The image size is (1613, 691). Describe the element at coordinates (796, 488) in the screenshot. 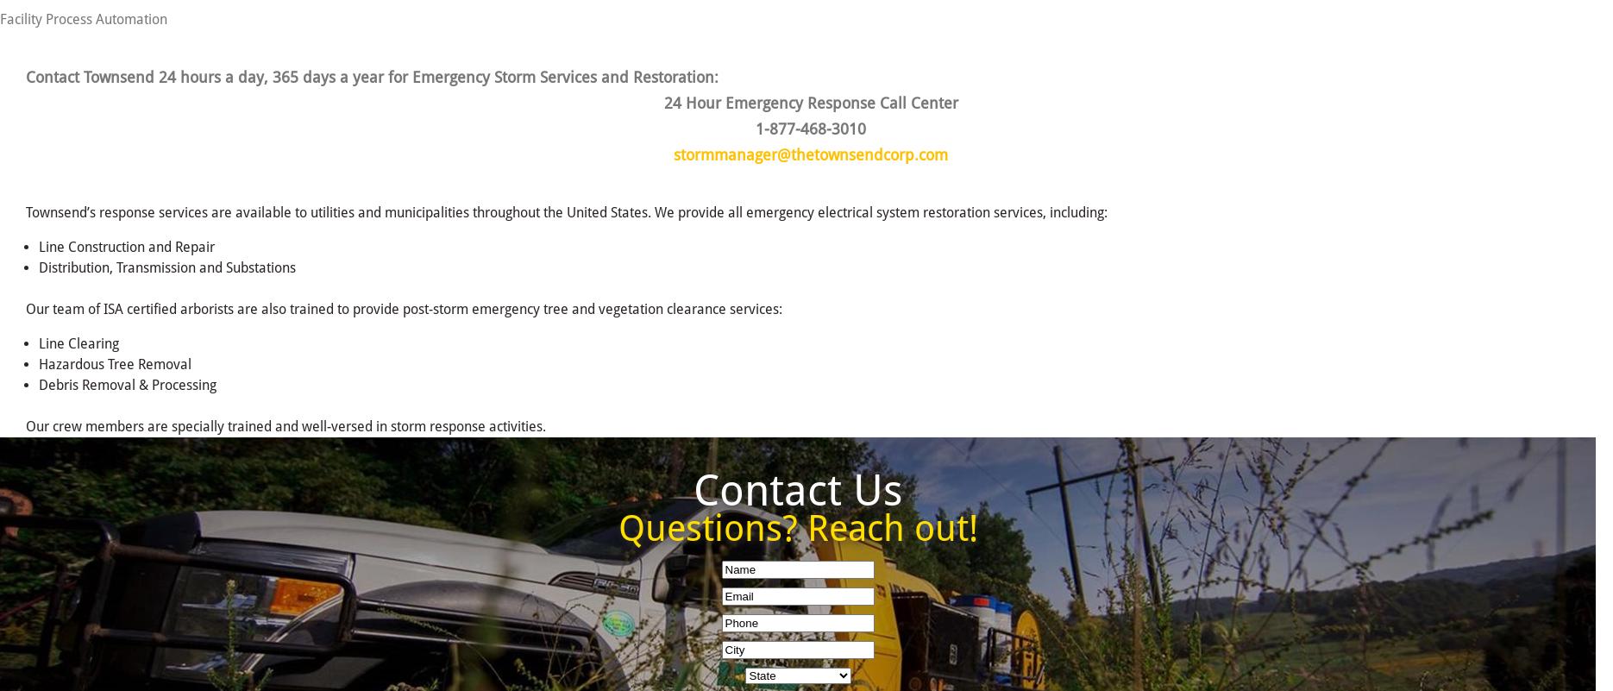

I see `'Contact Us'` at that location.